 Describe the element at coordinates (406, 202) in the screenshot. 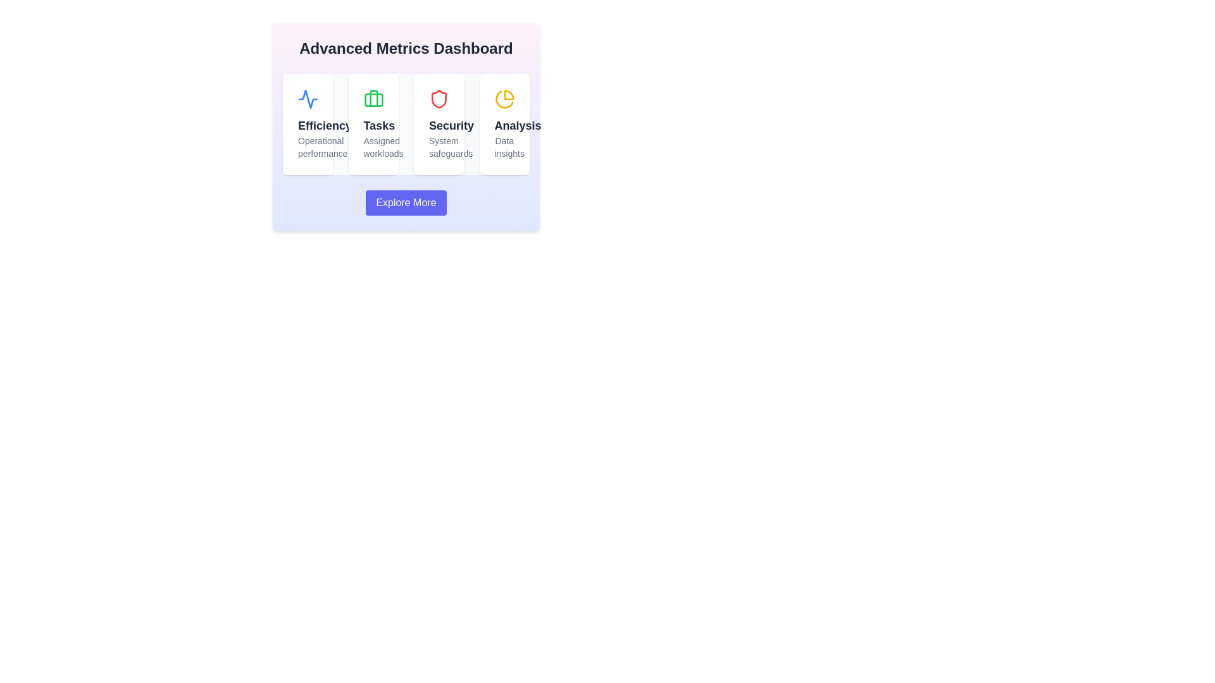

I see `the button with a purple background and the text 'Explore More'` at that location.